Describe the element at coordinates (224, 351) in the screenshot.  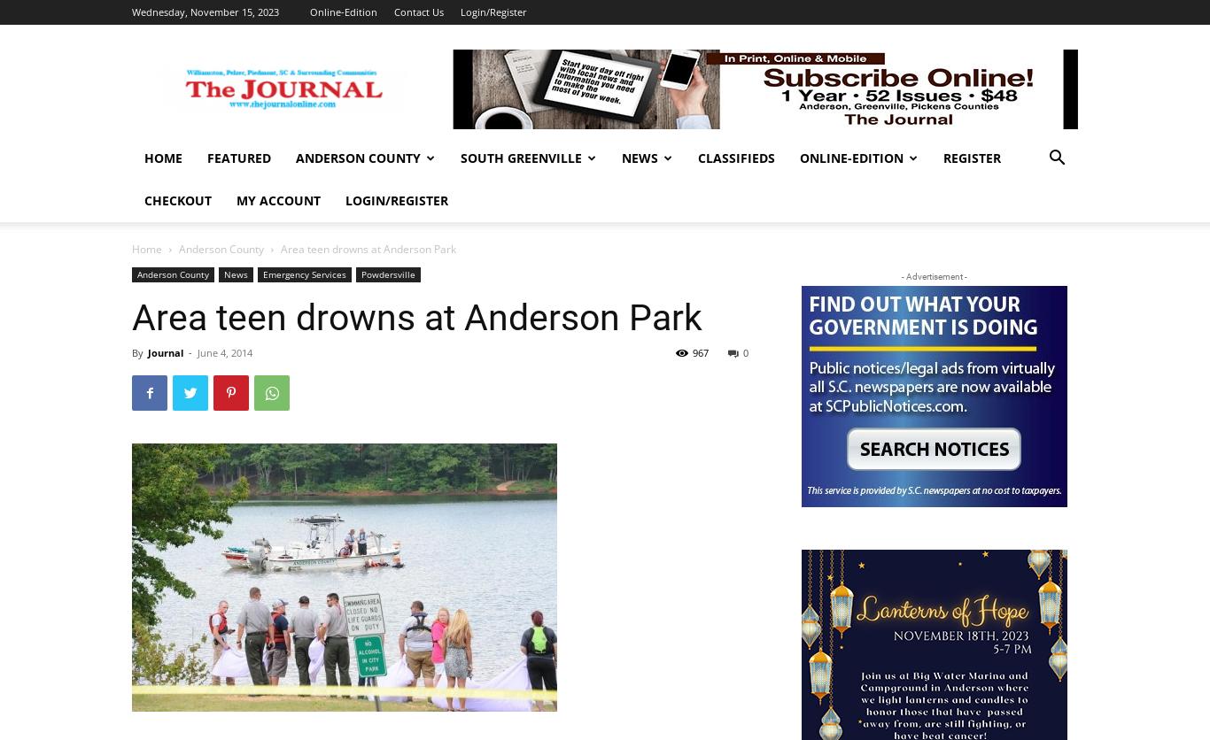
I see `'June 4, 2014'` at that location.